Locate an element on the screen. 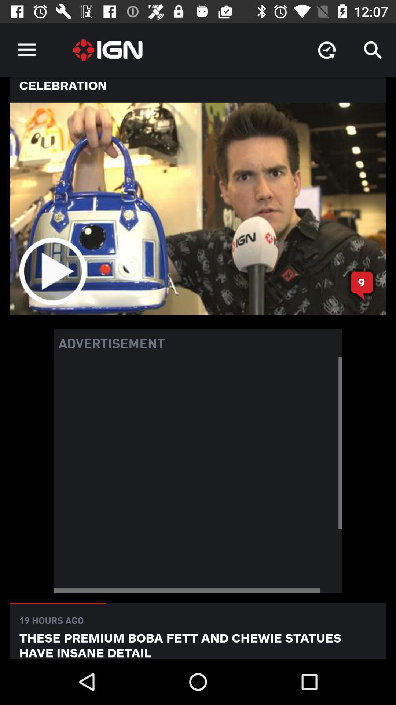  advertisement section is located at coordinates (198, 475).